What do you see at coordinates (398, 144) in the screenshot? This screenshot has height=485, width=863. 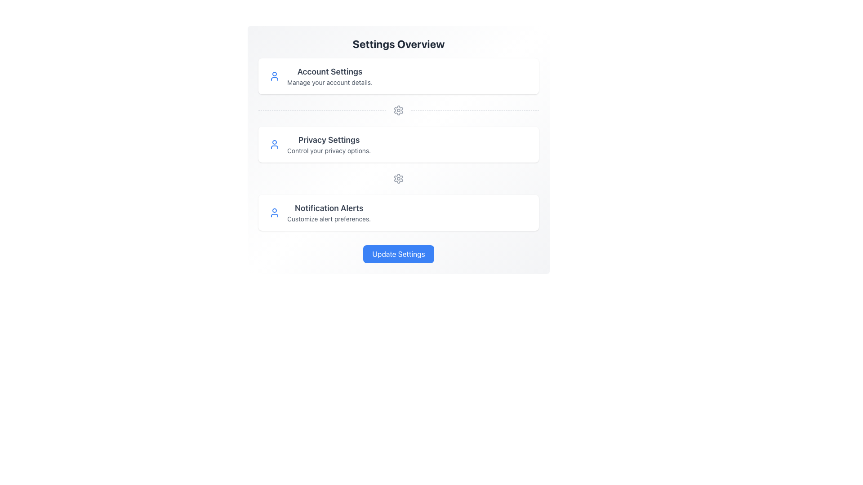 I see `the informational Card related to user privacy settings, which is the second item in the vertical list of setting options` at bounding box center [398, 144].